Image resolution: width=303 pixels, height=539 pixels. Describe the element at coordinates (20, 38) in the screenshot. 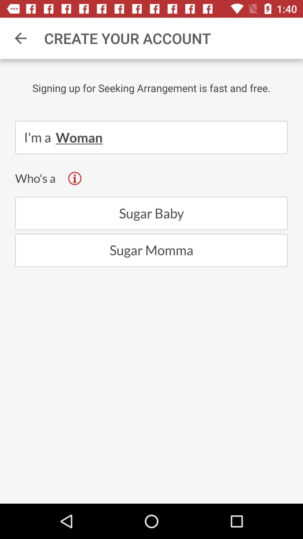

I see `icon next to the create your account` at that location.